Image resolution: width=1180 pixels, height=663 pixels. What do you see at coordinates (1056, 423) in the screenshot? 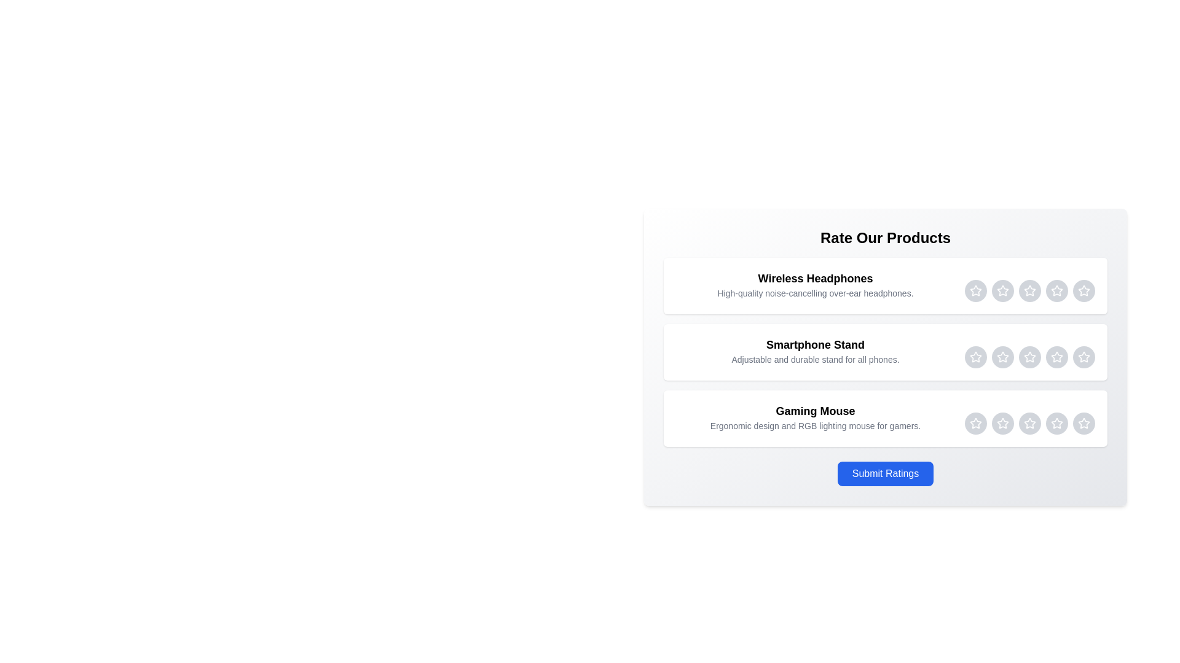
I see `the Gaming Mouse rating star 4` at bounding box center [1056, 423].